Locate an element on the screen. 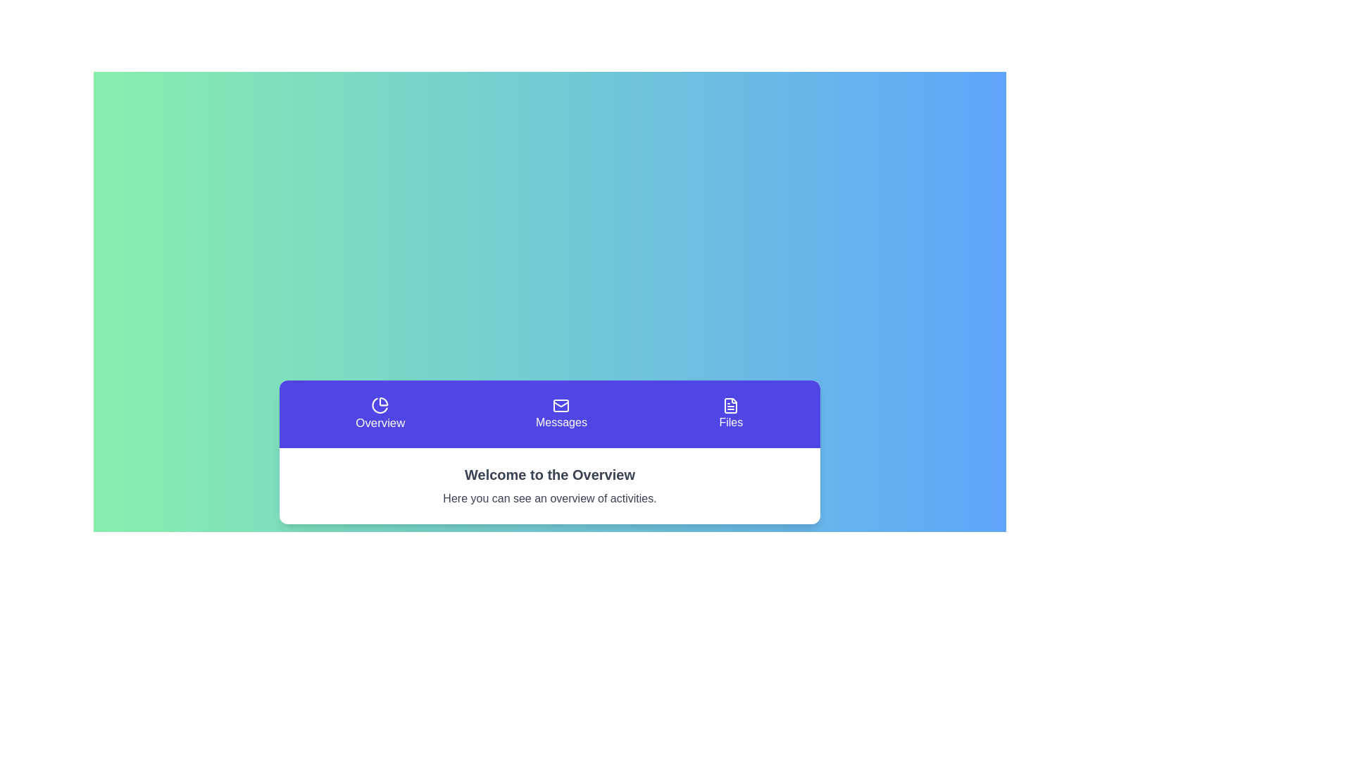  the Messages section of the dashboard is located at coordinates (561, 413).